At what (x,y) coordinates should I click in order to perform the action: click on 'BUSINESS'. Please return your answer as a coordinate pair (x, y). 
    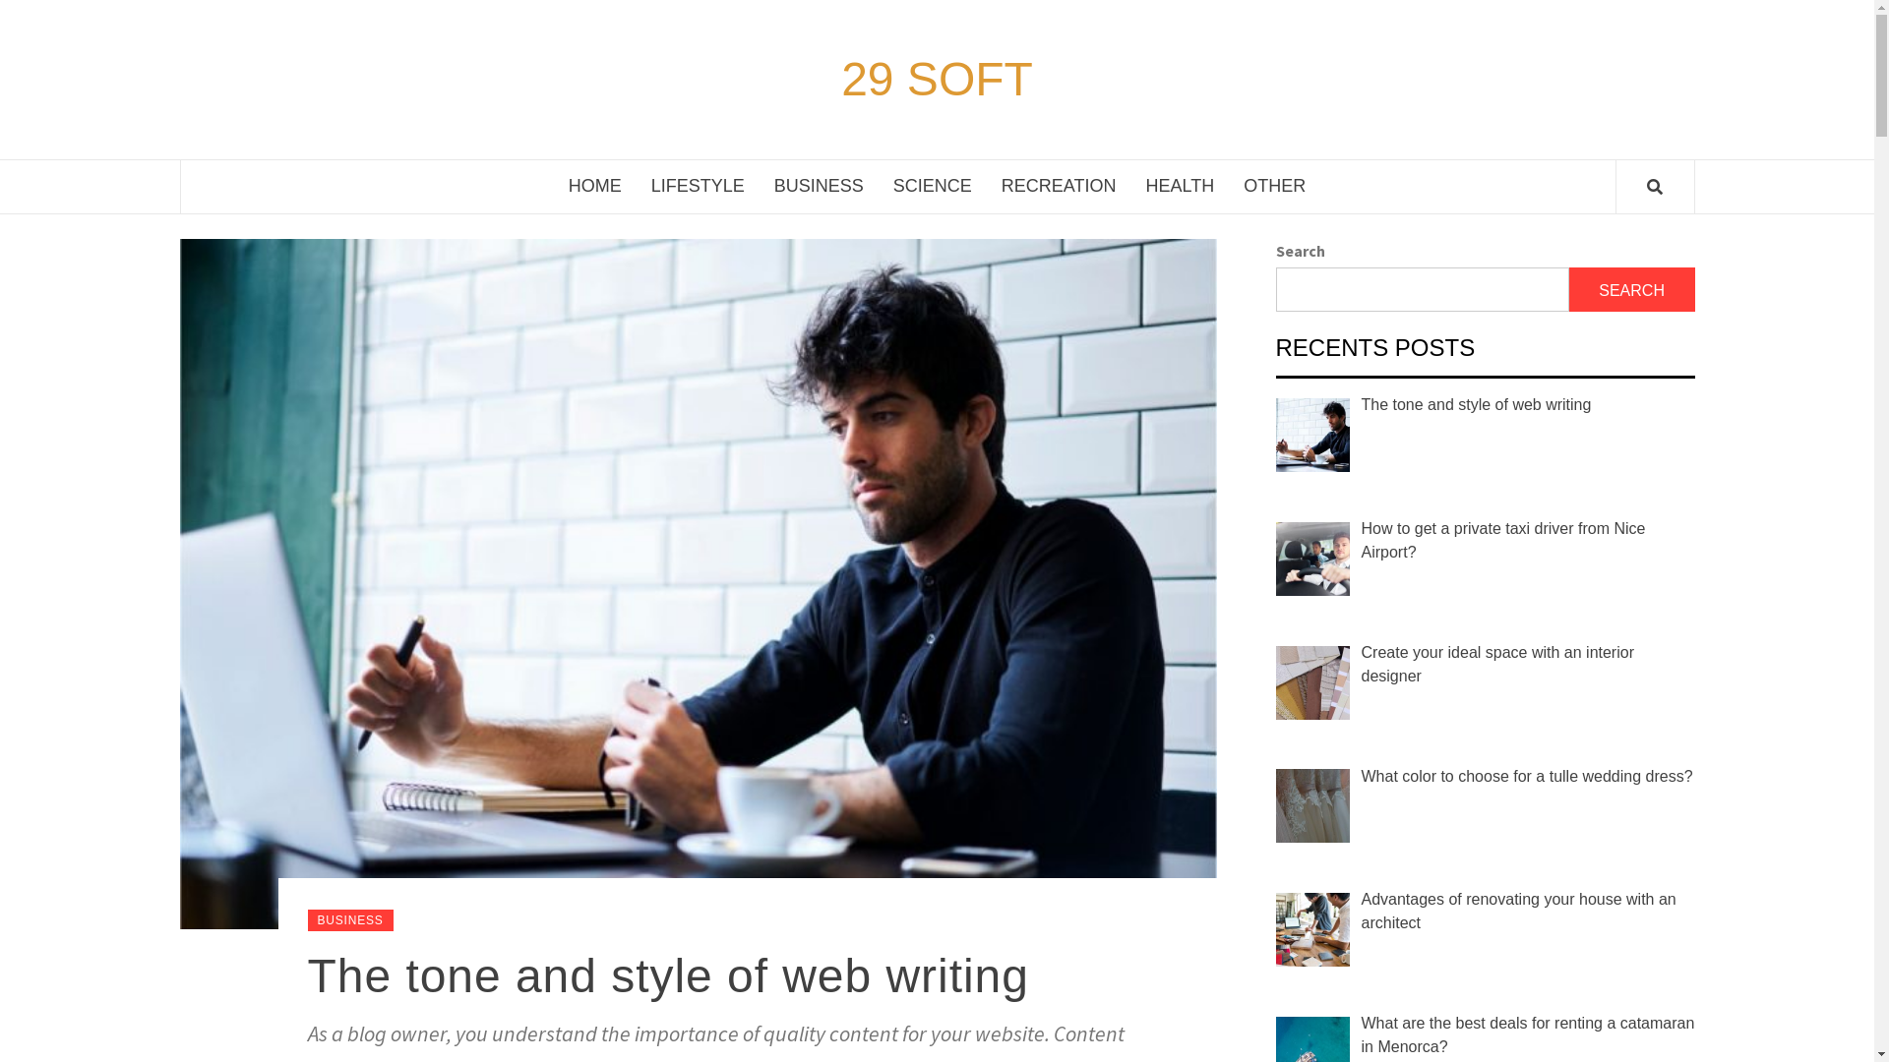
    Looking at the image, I should click on (306, 920).